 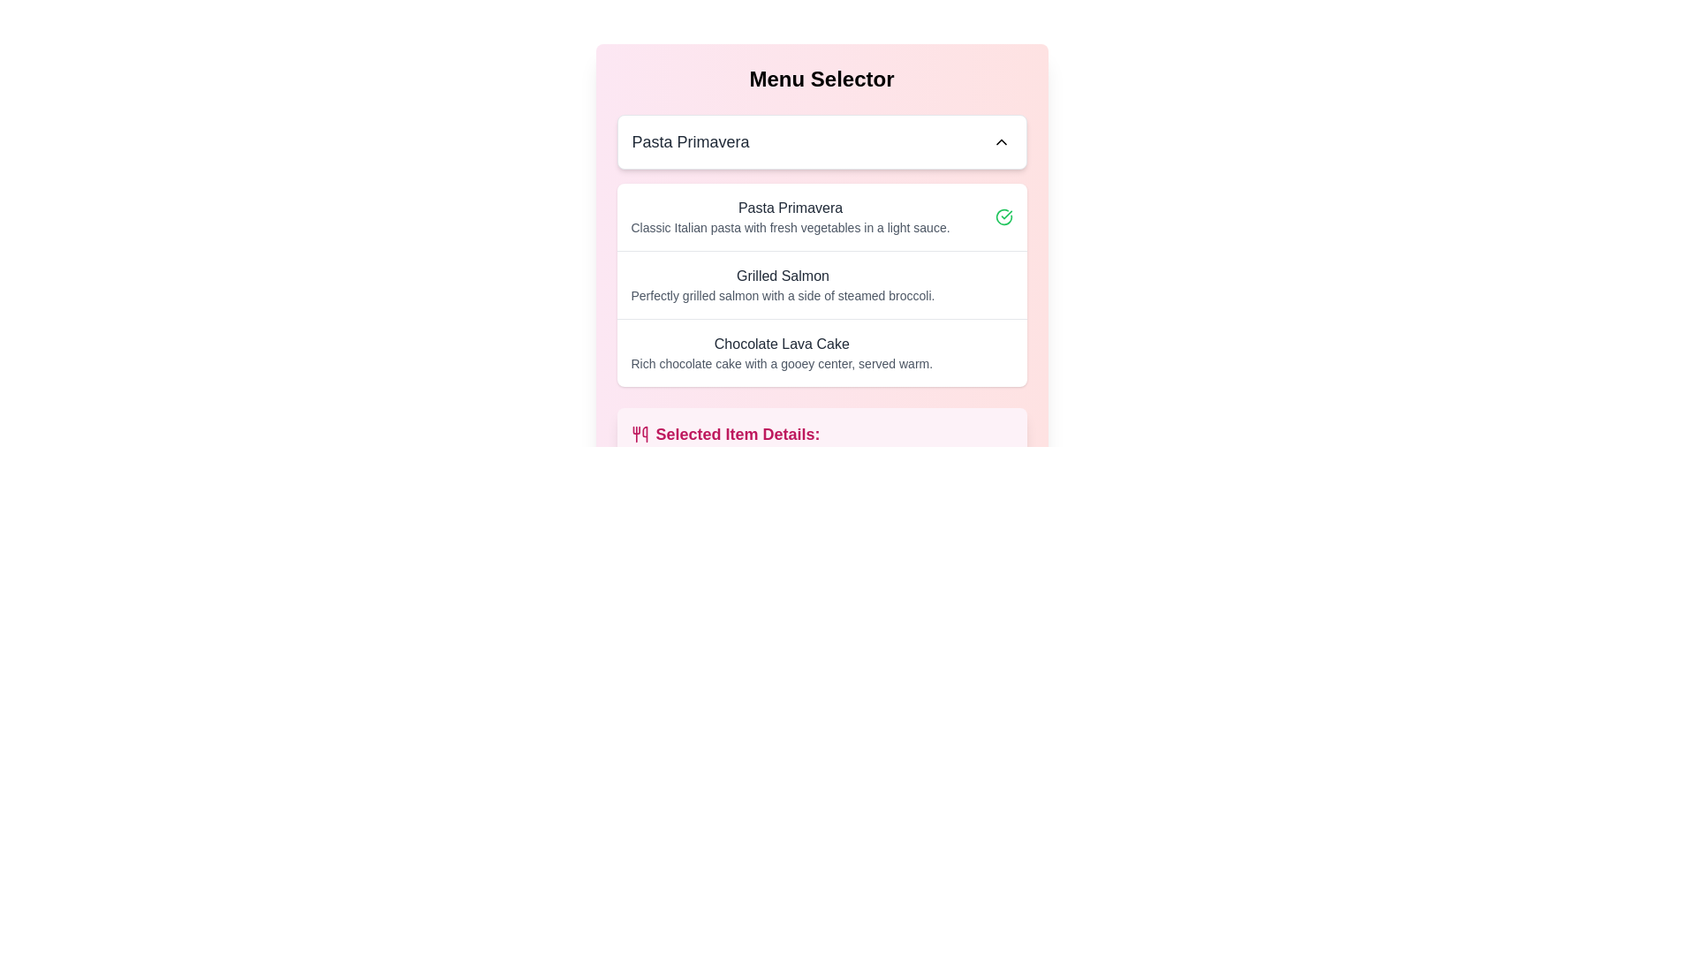 I want to click on the text label displaying 'Pasta Primavera', which is styled with a bold, medium-sized font in dark gray color and is the first item in the menu list, so click(x=790, y=207).